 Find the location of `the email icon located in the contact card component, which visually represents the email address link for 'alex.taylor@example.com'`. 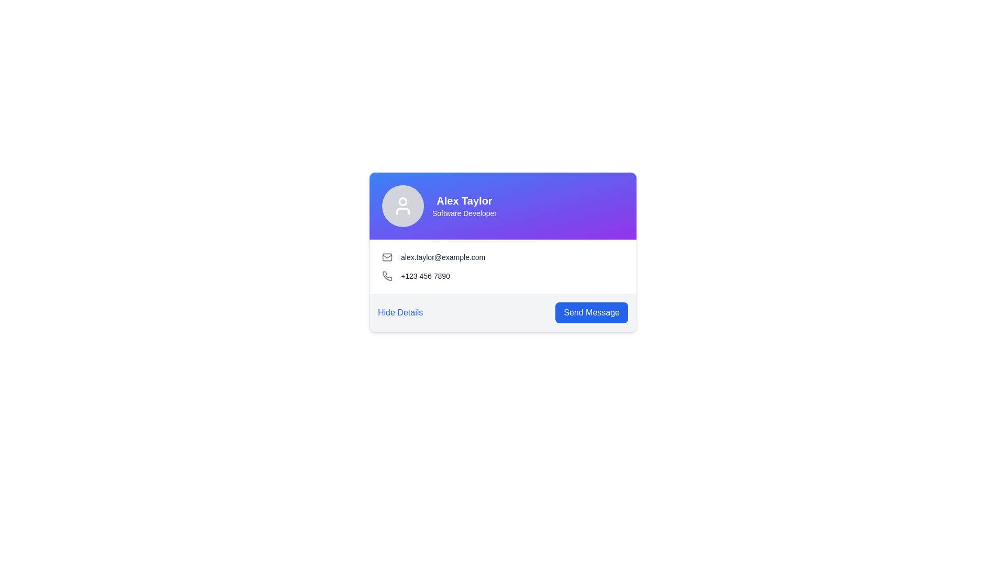

the email icon located in the contact card component, which visually represents the email address link for 'alex.taylor@example.com' is located at coordinates (386, 257).